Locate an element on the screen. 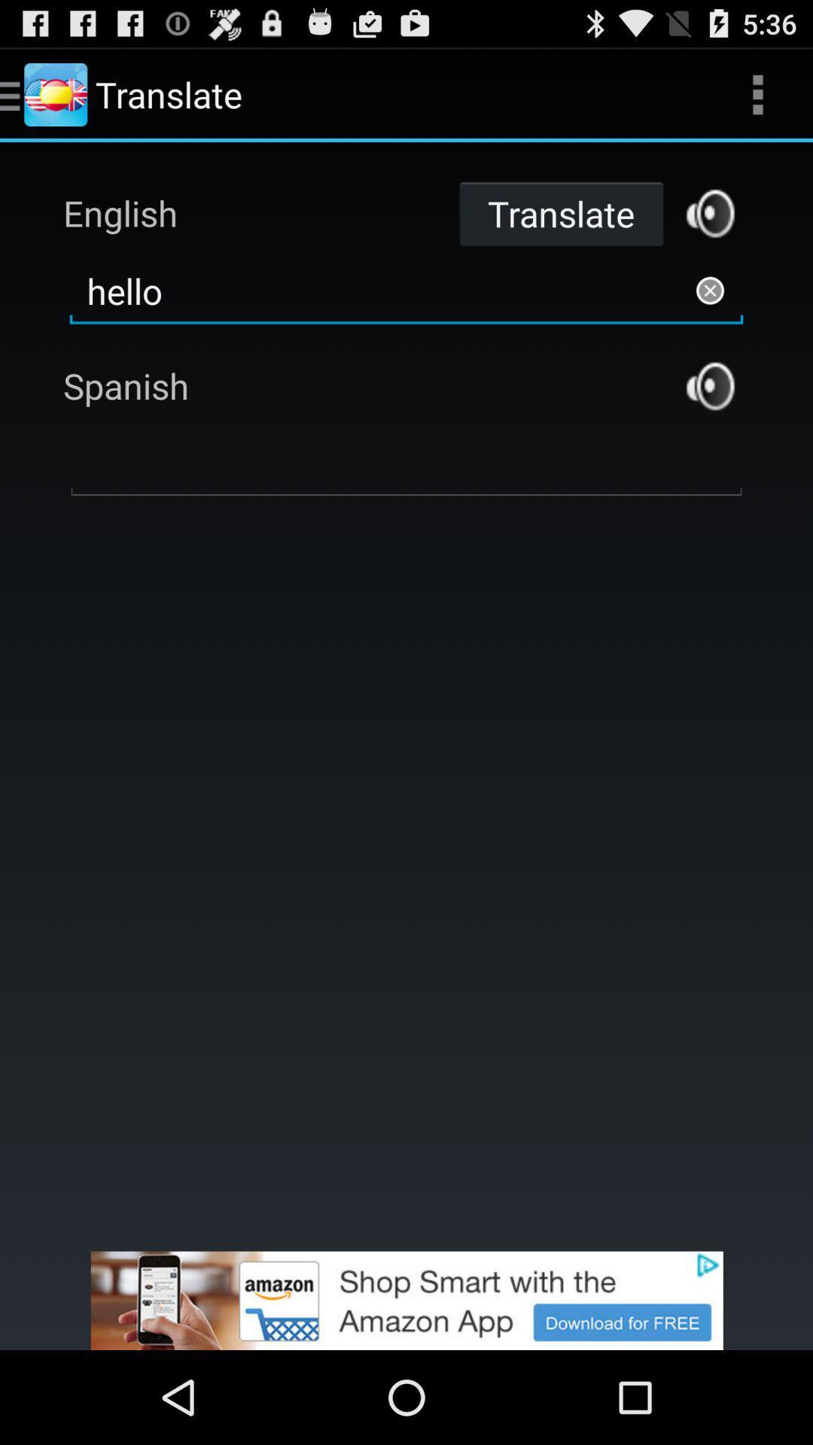 This screenshot has height=1445, width=813. speaker button is located at coordinates (710, 386).